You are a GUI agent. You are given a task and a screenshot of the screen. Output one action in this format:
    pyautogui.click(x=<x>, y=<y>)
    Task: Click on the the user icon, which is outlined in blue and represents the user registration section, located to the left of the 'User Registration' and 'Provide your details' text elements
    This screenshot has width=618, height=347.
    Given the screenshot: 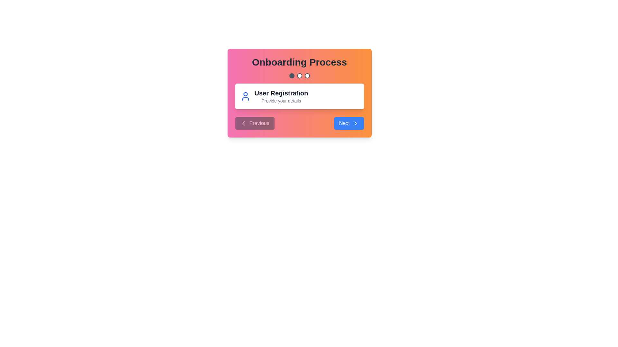 What is the action you would take?
    pyautogui.click(x=245, y=96)
    